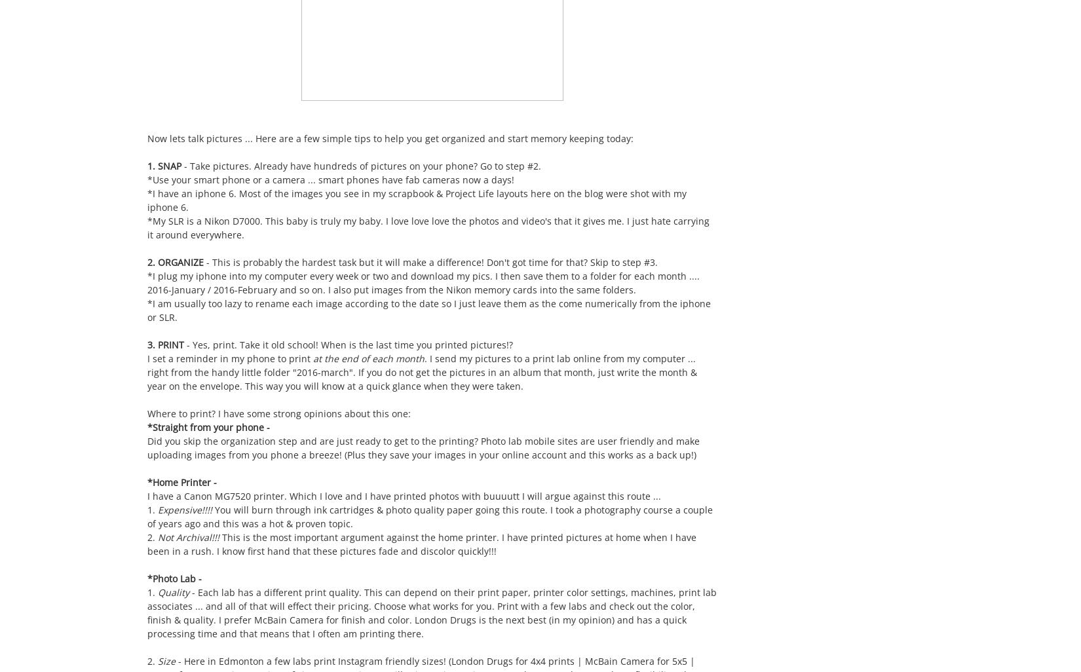  Describe the element at coordinates (173, 591) in the screenshot. I see `'Quality'` at that location.